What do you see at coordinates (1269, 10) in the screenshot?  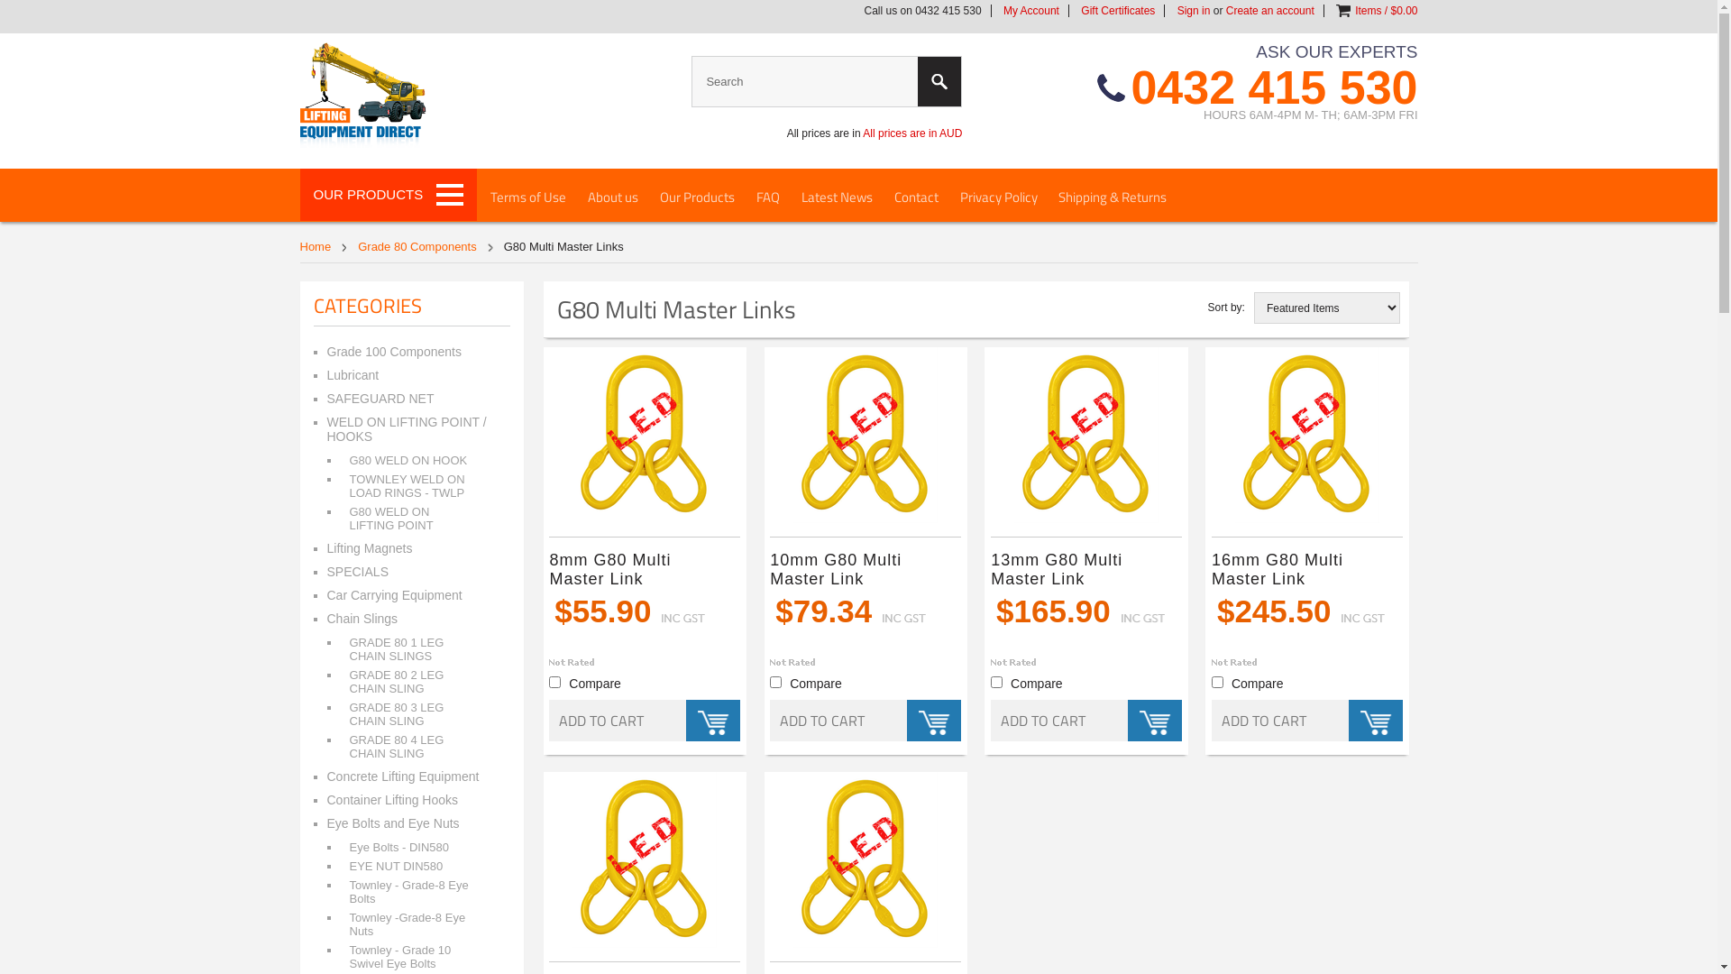 I see `'Create an account'` at bounding box center [1269, 10].